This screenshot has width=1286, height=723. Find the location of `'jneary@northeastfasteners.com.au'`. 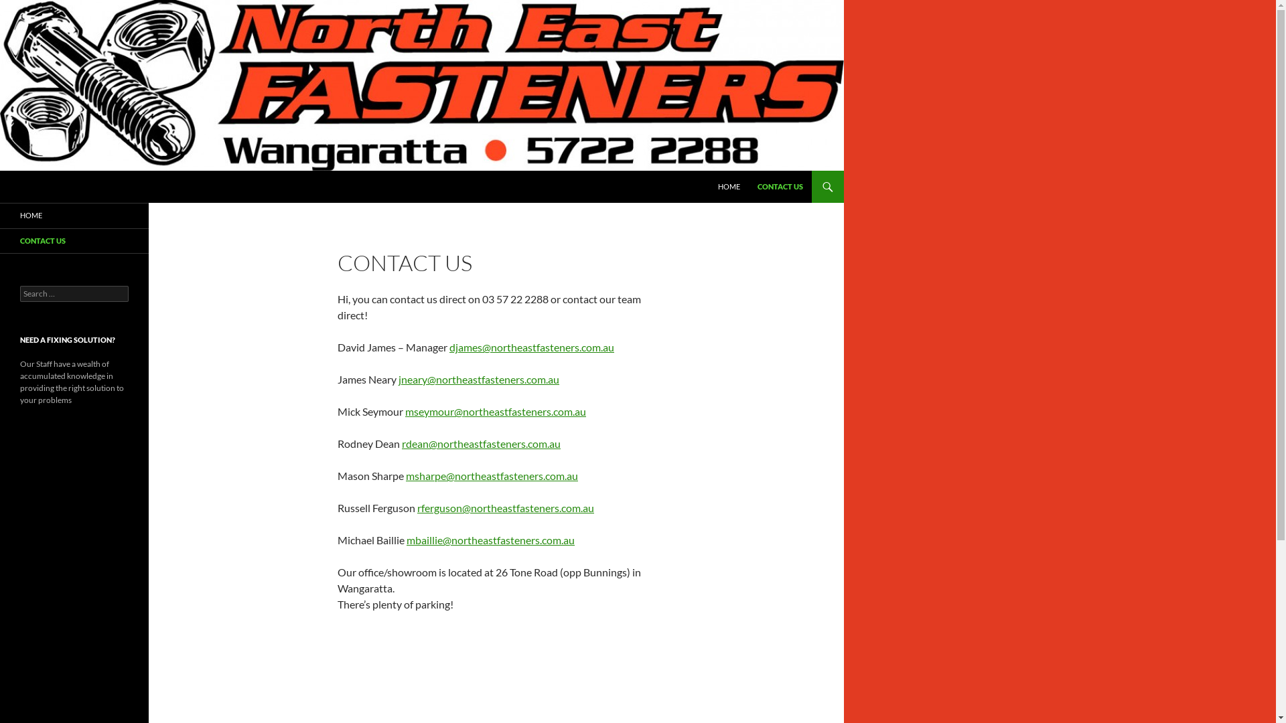

'jneary@northeastfasteners.com.au' is located at coordinates (479, 379).